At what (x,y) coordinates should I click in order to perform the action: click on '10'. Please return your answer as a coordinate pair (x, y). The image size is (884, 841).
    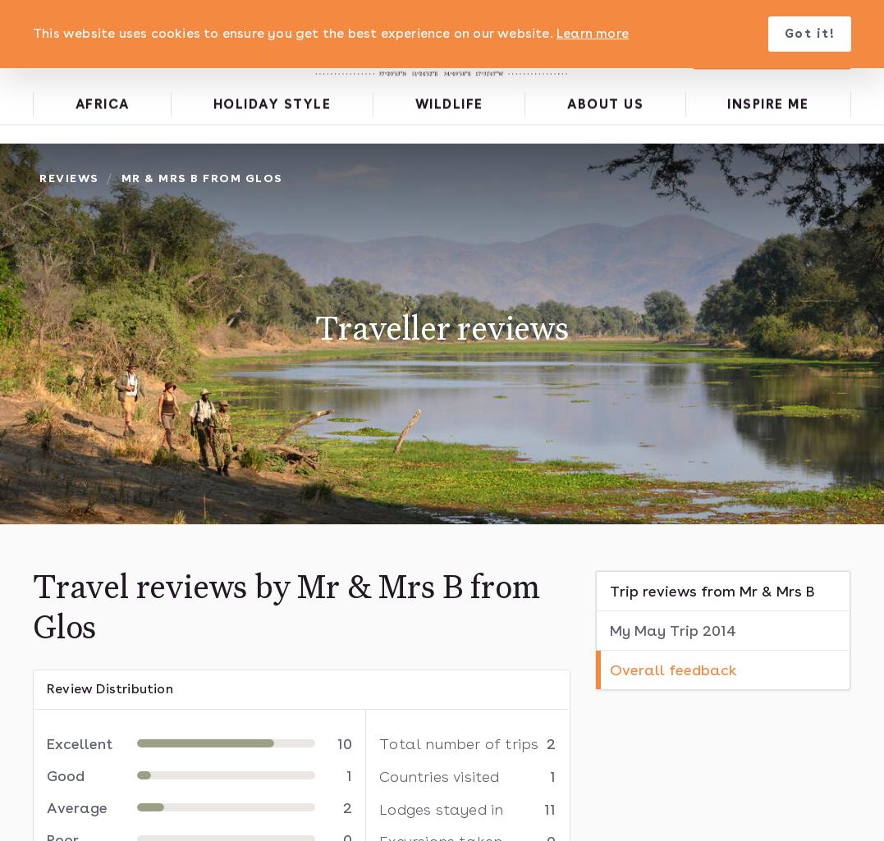
    Looking at the image, I should click on (344, 742).